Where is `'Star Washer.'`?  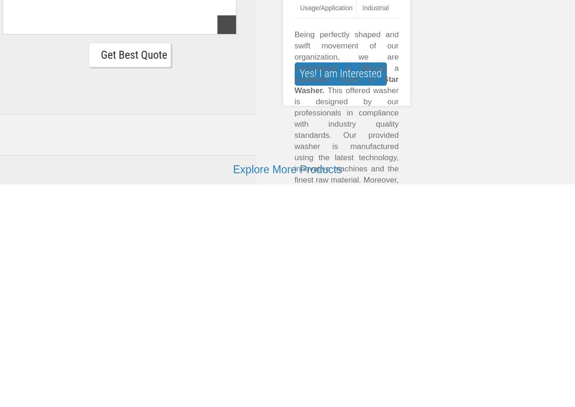 'Star Washer.' is located at coordinates (346, 84).